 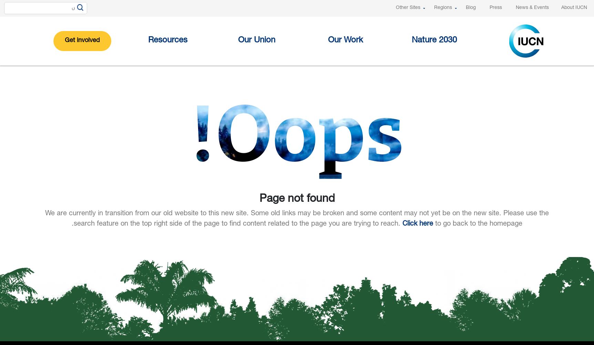 What do you see at coordinates (106, 94) in the screenshot?
I see `'IUCN LIBRARY'` at bounding box center [106, 94].